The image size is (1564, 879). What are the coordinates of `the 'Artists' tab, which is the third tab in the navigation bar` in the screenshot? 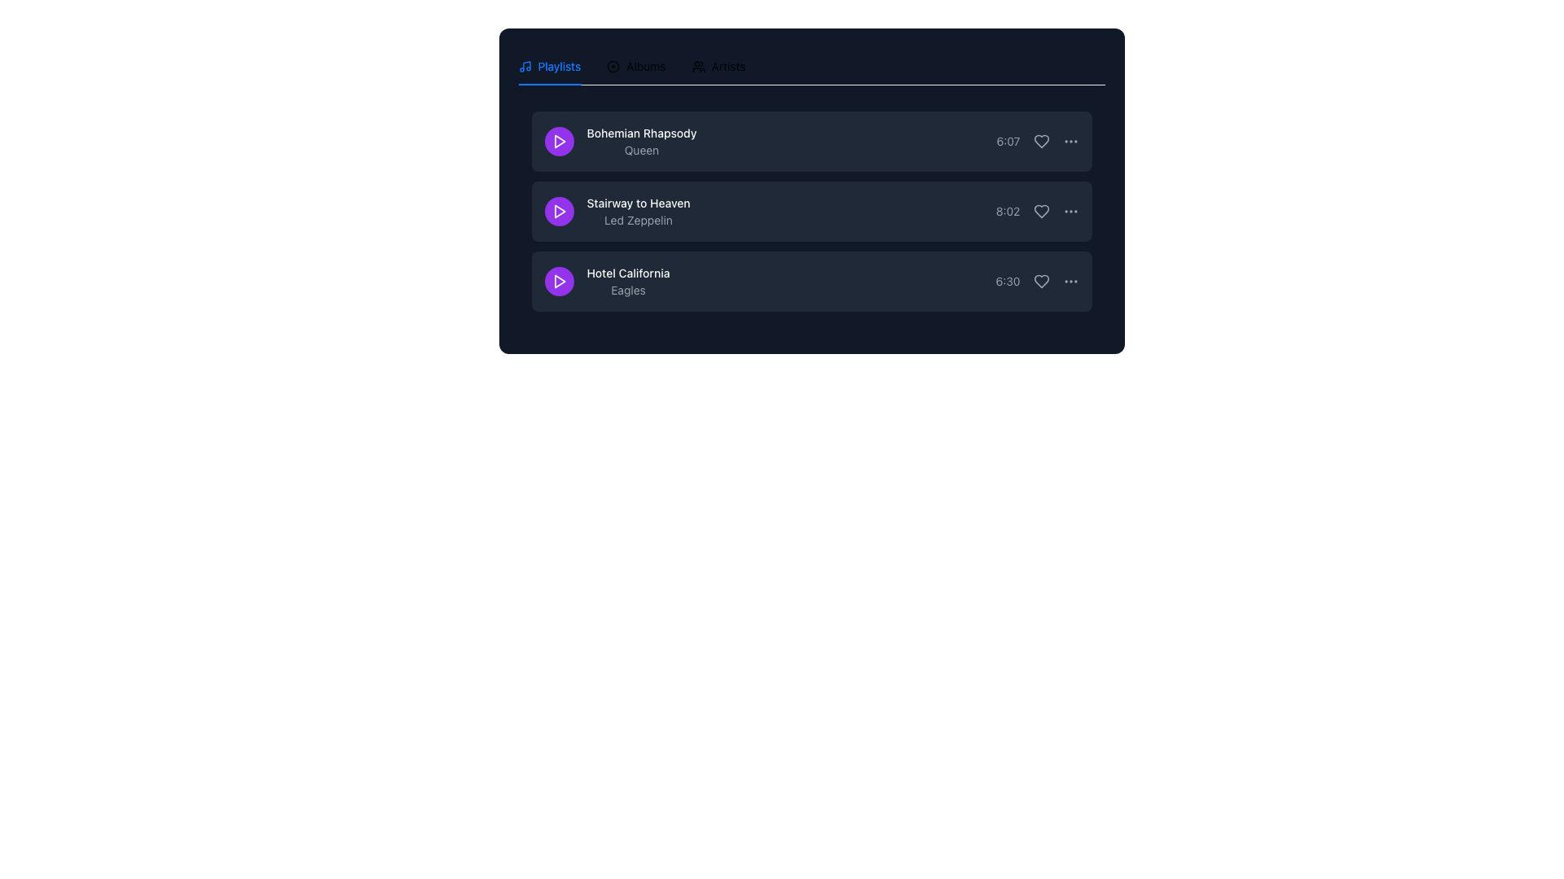 It's located at (718, 65).